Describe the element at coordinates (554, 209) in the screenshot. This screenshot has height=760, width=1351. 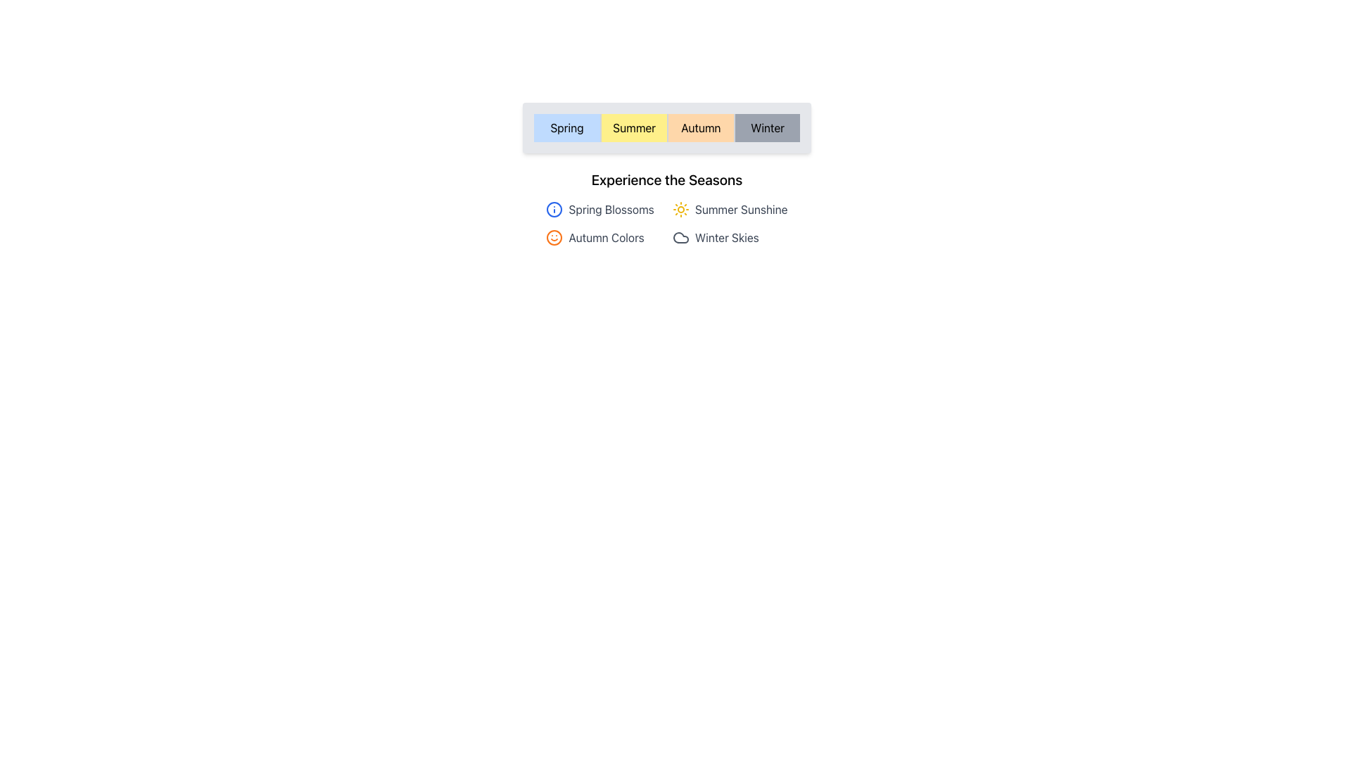
I see `the circular icon with a blue outline and no fill, featuring a small vertical line and a tiny circular dot, located to the left of the 'Spring Blossoms' label` at that location.